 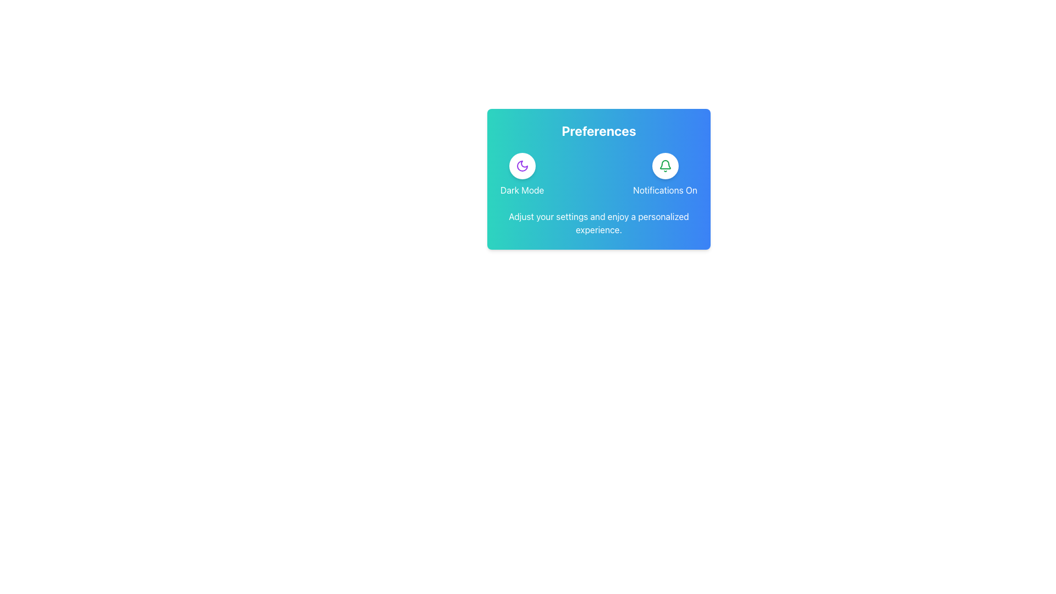 What do you see at coordinates (521, 166) in the screenshot?
I see `the crescent moon icon in the 'Preferences' panel` at bounding box center [521, 166].